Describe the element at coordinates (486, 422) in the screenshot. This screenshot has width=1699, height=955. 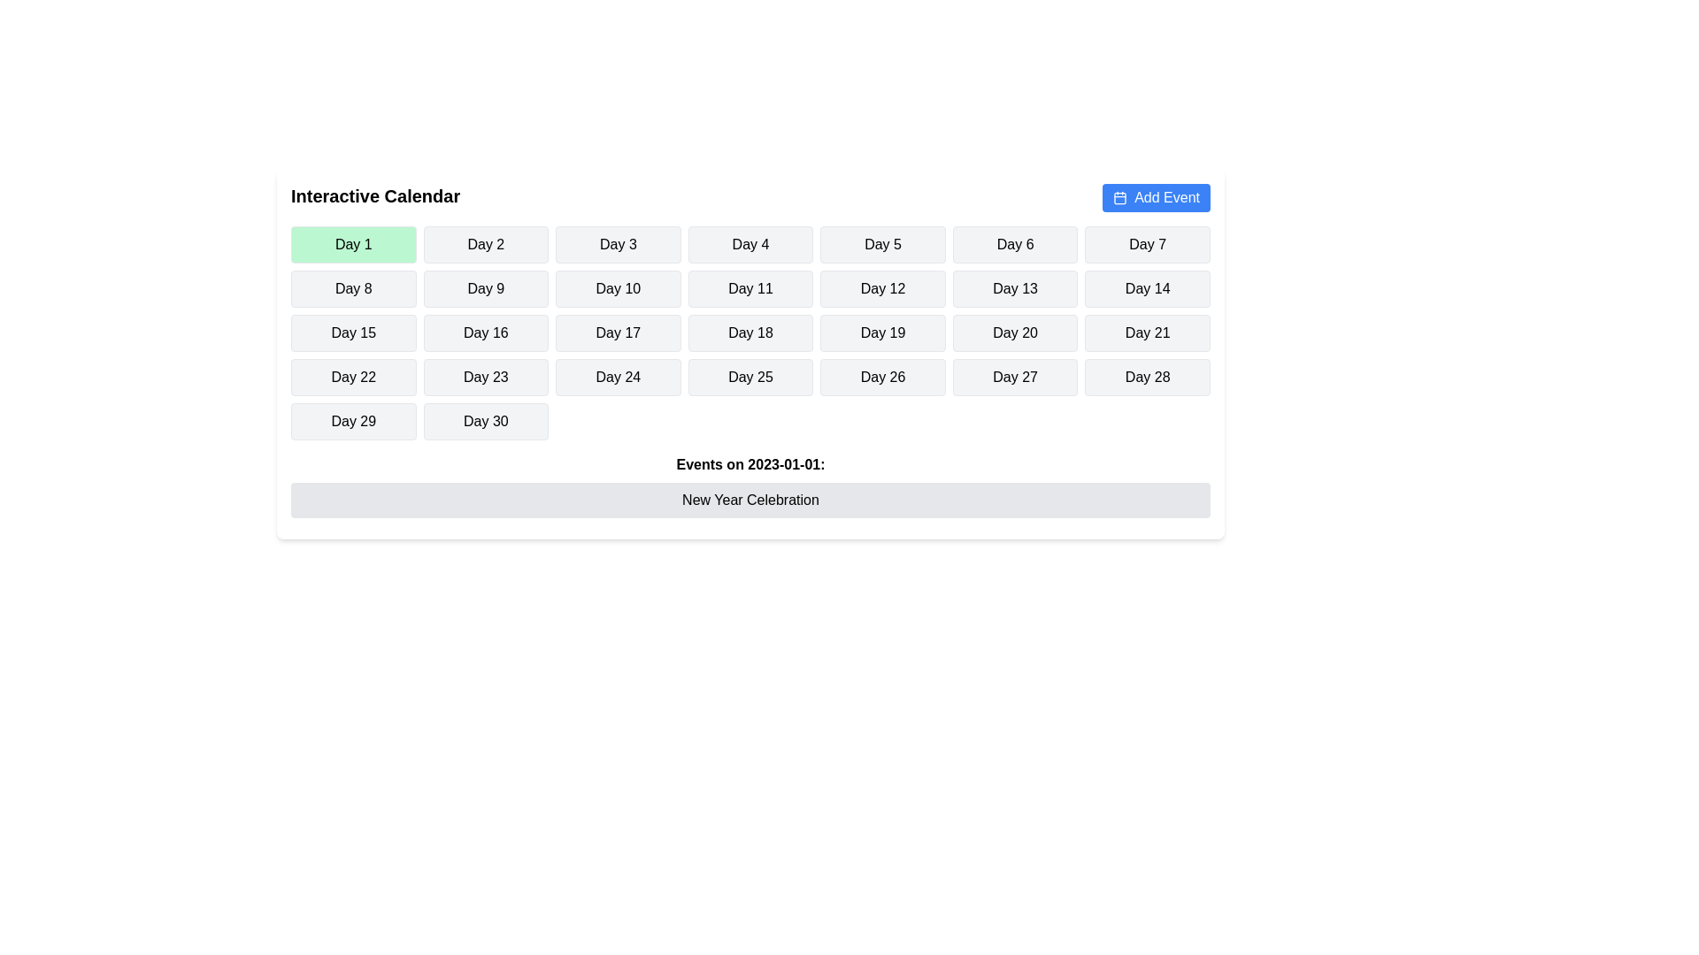
I see `the 'Day 30' button, which is a rectangular button with a light gray background, rounded corners, and black centered text in a sans-serif font, located in the last row of a grid layout` at that location.